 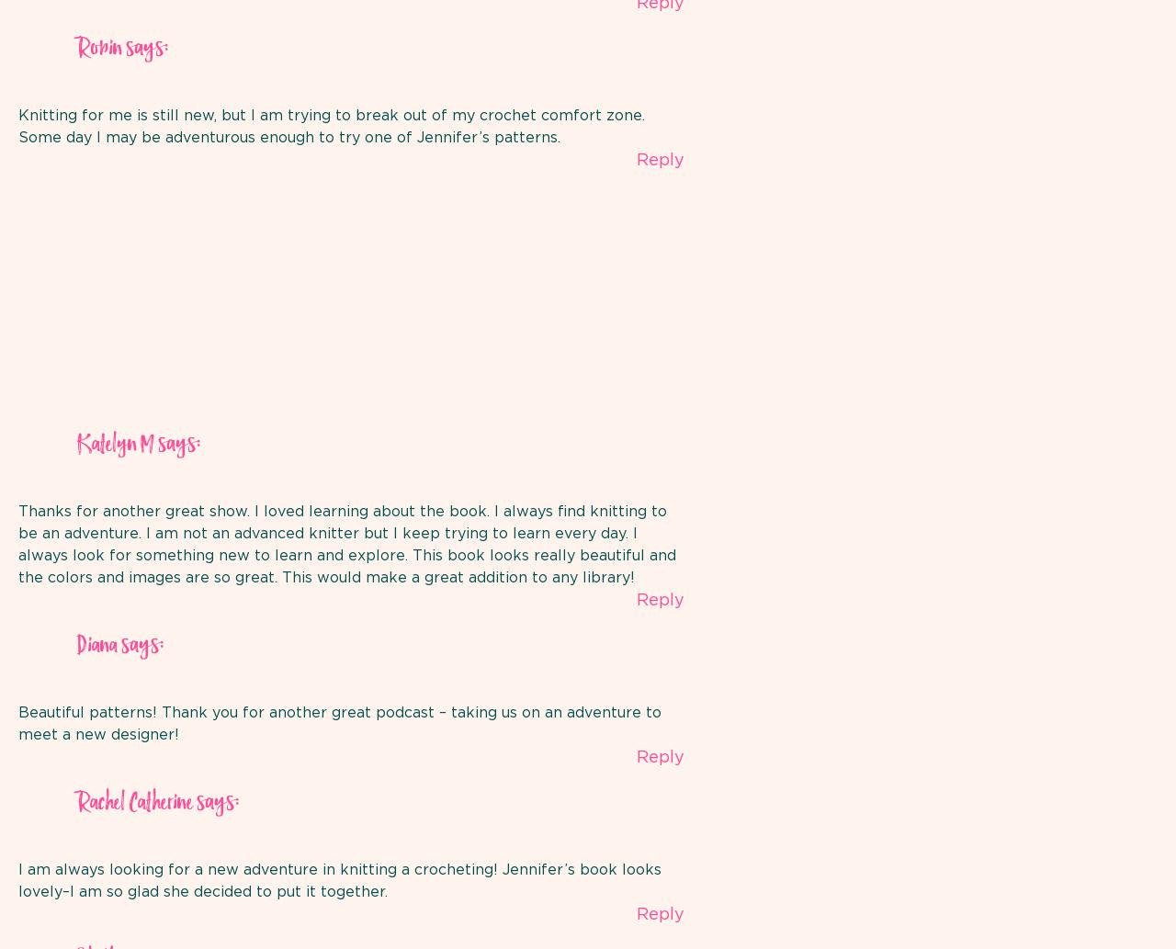 I want to click on 'Knitting for me is still new, but I am trying to break out of my crochet comfort zone.  Some day I may be adventurous enough to try one of Jennifer’s patterns.', so click(x=331, y=127).